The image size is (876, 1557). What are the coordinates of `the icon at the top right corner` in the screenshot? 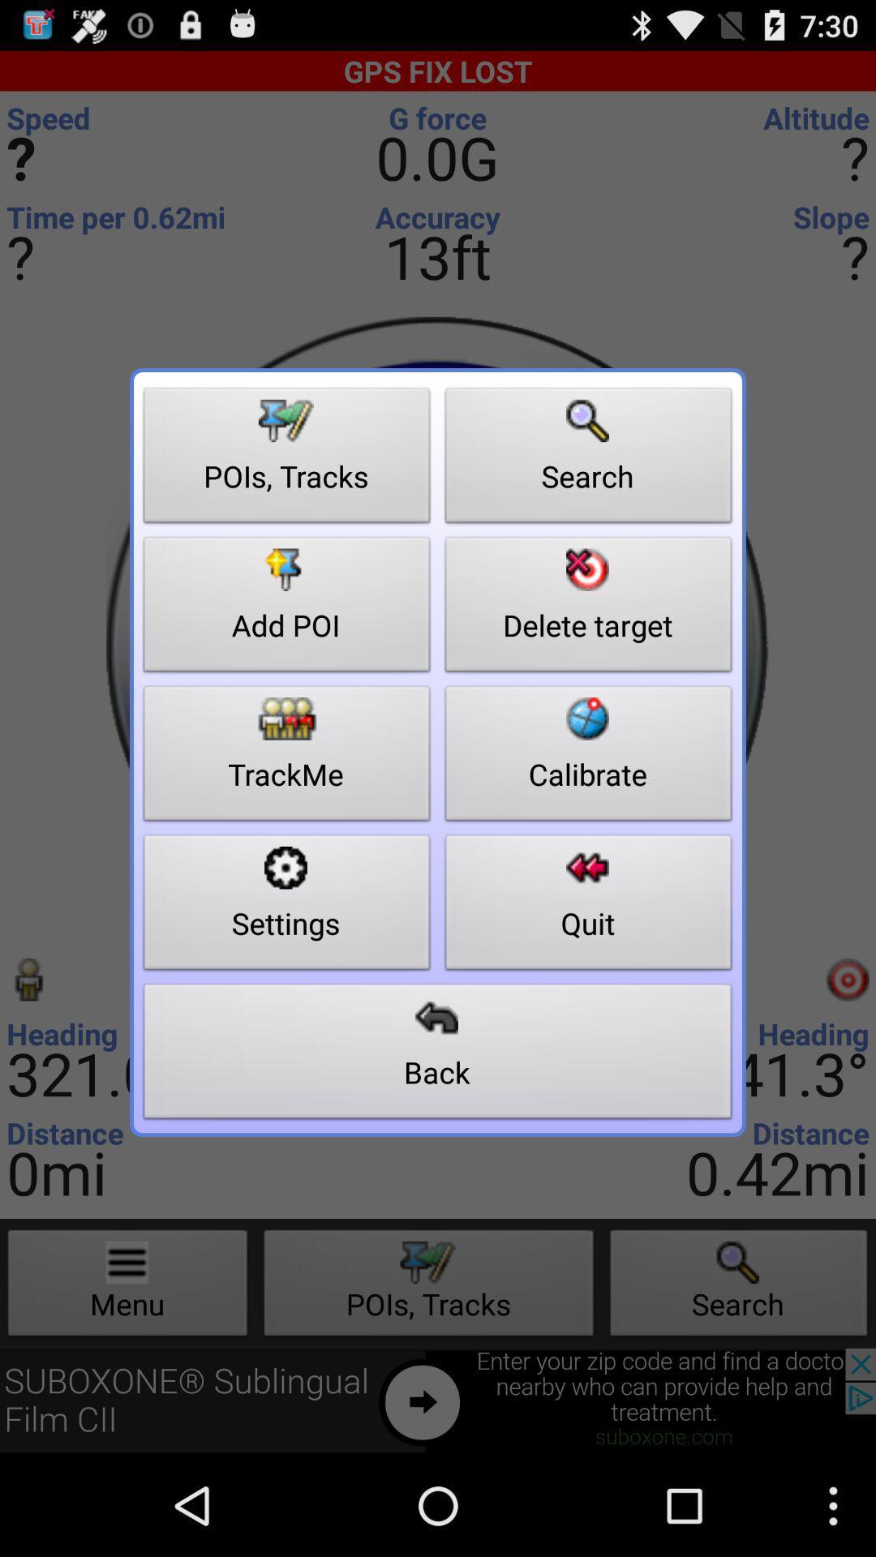 It's located at (588, 459).